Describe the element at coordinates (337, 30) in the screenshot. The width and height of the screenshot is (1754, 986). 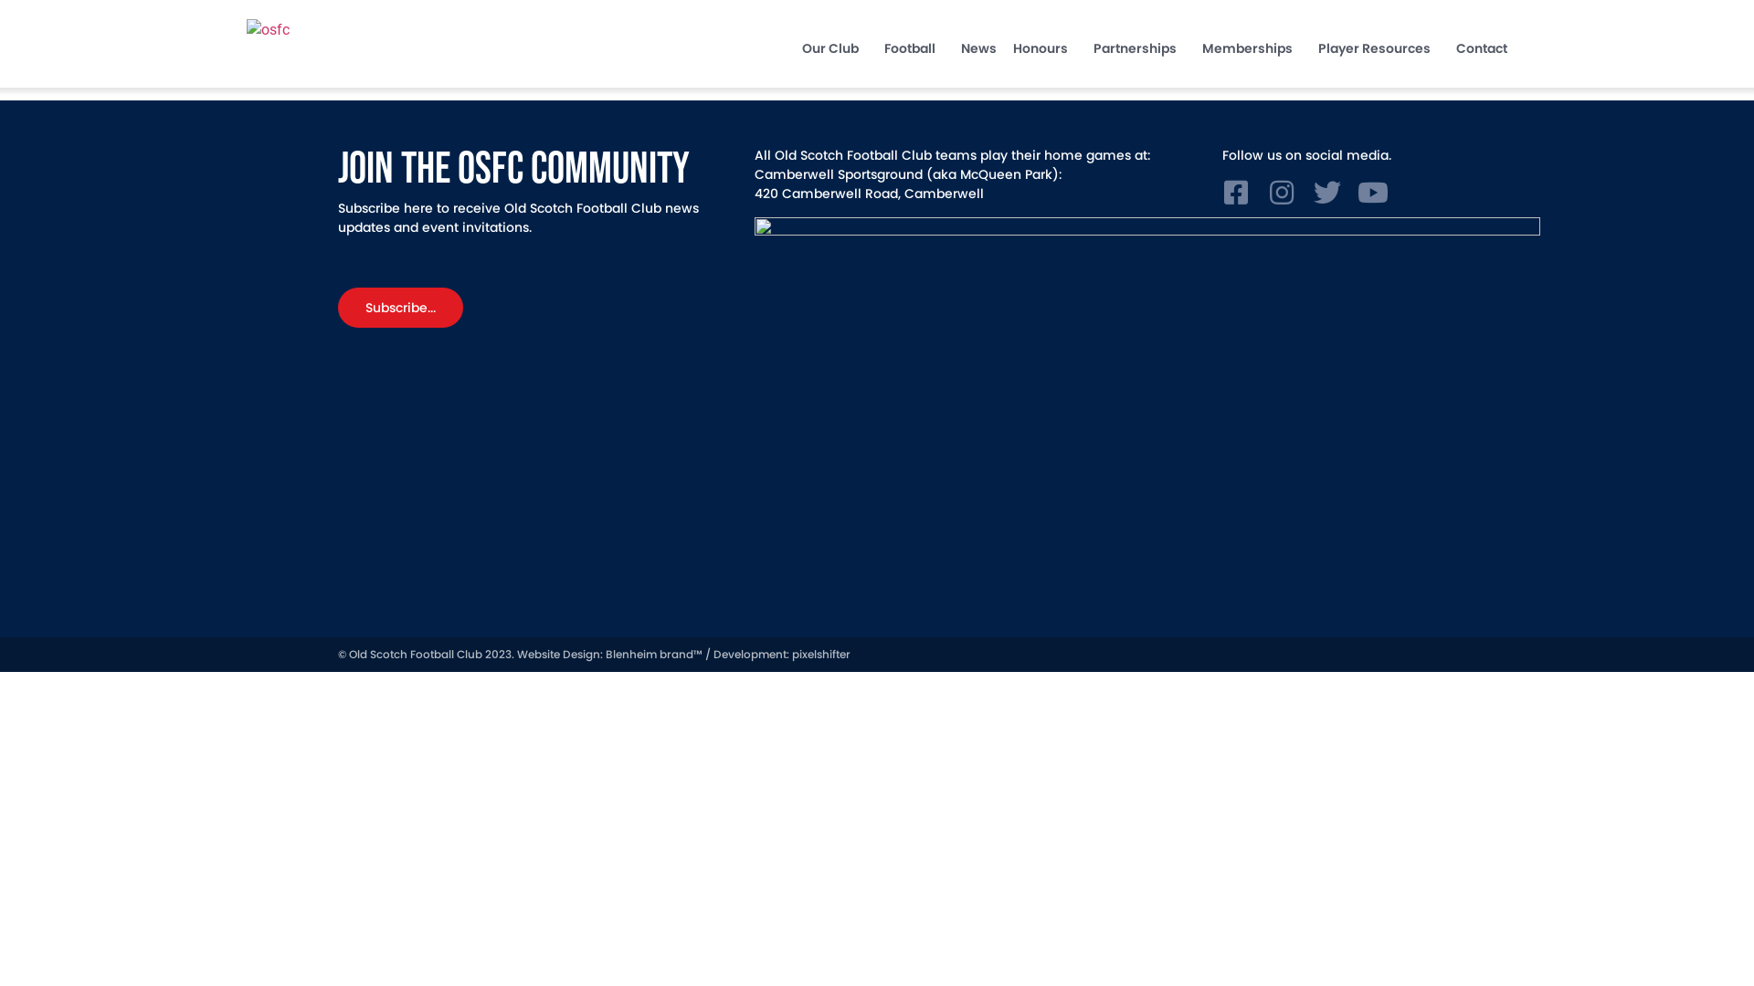
I see `'osfc'` at that location.